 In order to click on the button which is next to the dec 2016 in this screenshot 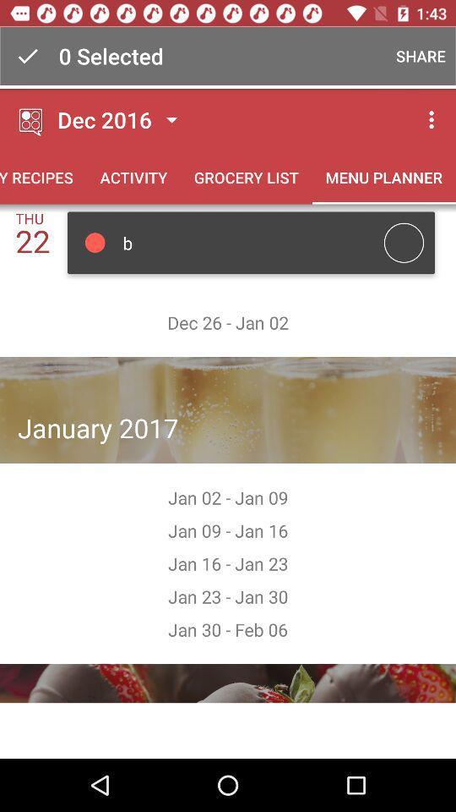, I will do `click(171, 118)`.